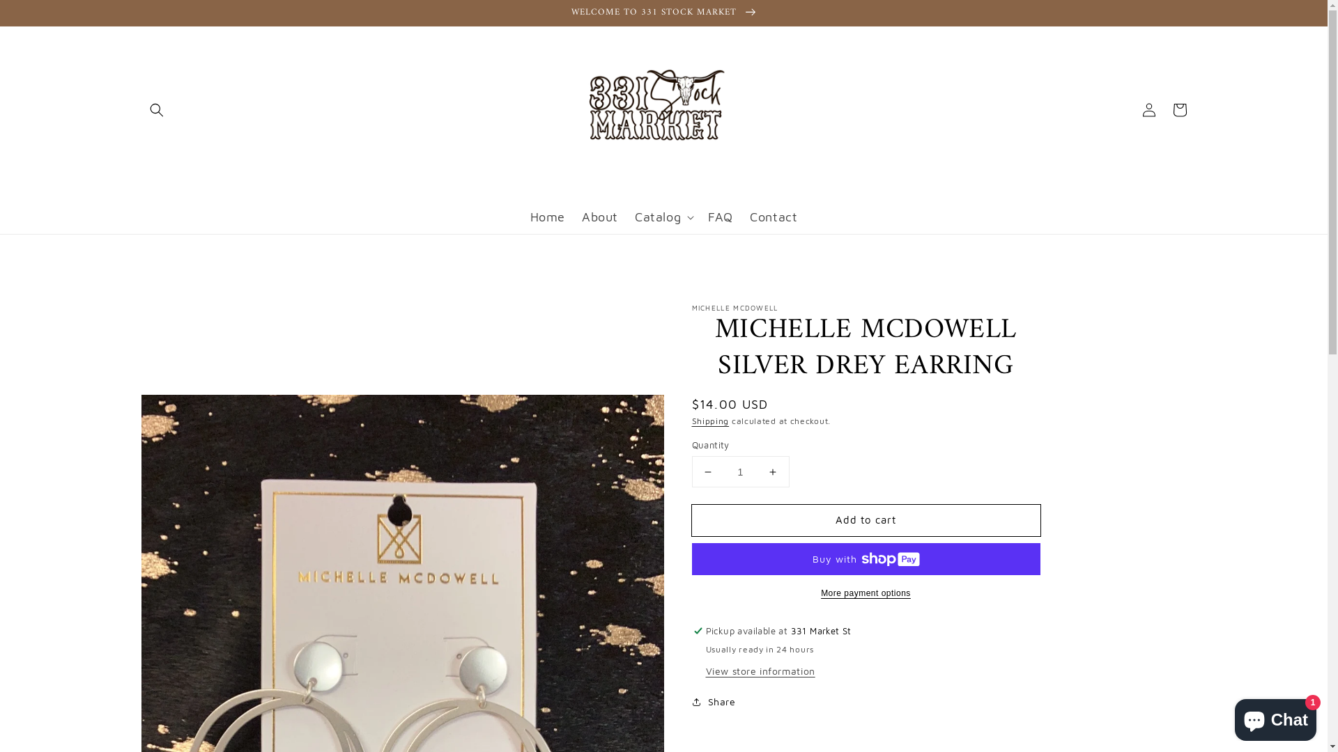 The width and height of the screenshot is (1338, 752). What do you see at coordinates (1178, 109) in the screenshot?
I see `'Cart'` at bounding box center [1178, 109].